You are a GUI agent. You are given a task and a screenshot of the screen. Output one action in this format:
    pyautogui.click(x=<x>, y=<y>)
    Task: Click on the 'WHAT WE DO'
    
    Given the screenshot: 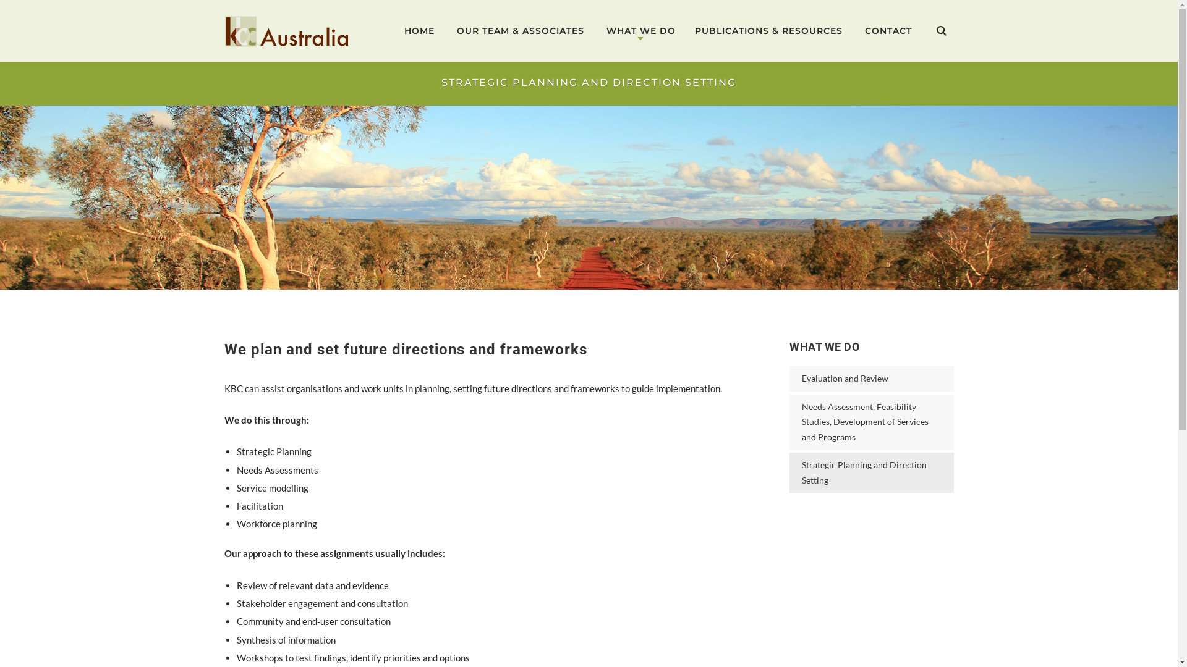 What is the action you would take?
    pyautogui.click(x=639, y=30)
    